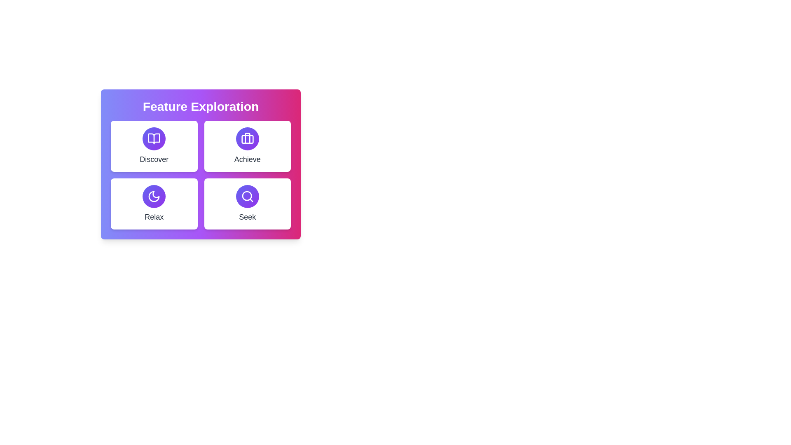 This screenshot has width=791, height=445. I want to click on the 'Discover' button located in the top-left corner of the grid arrangement, so click(154, 138).